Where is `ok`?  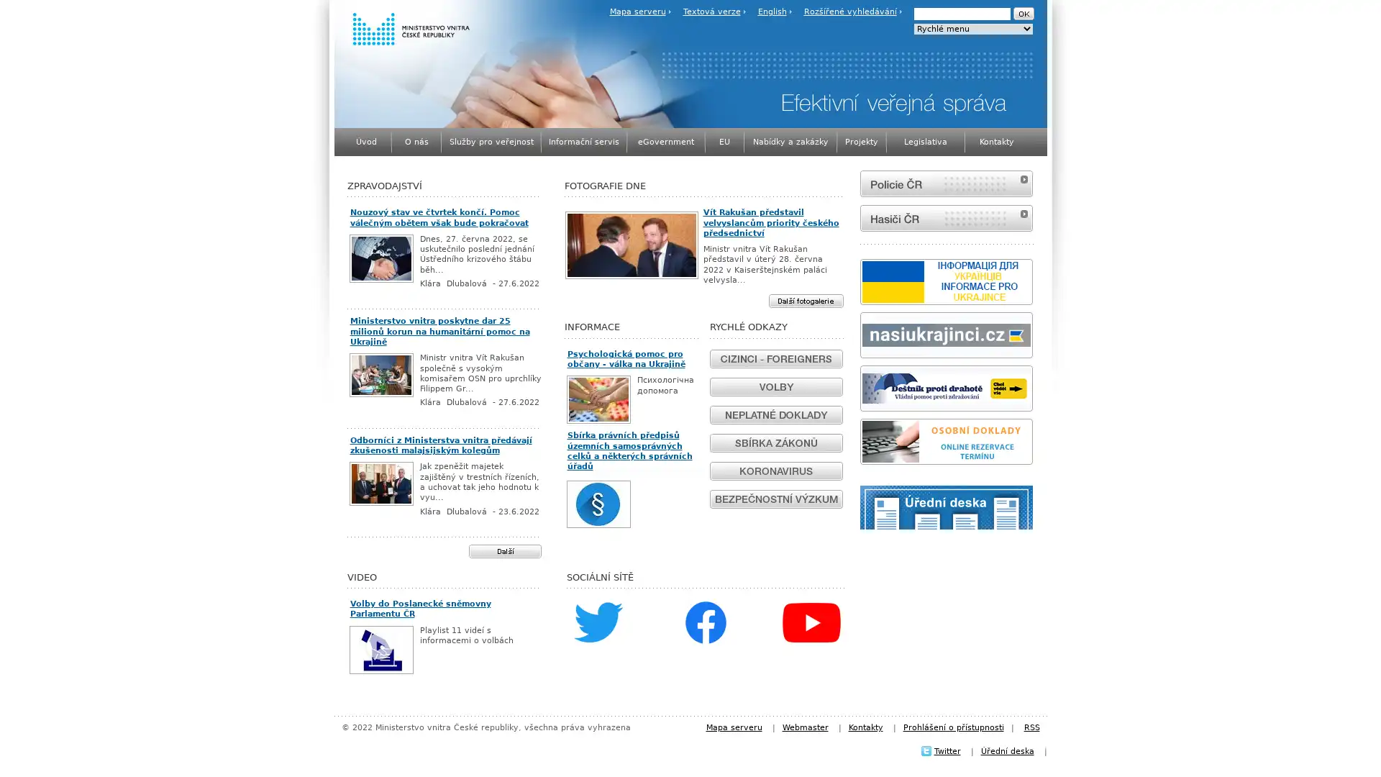 ok is located at coordinates (1022, 14).